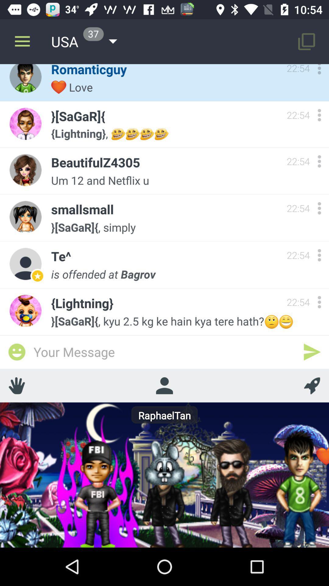  I want to click on shows fingers icon, so click(16, 385).